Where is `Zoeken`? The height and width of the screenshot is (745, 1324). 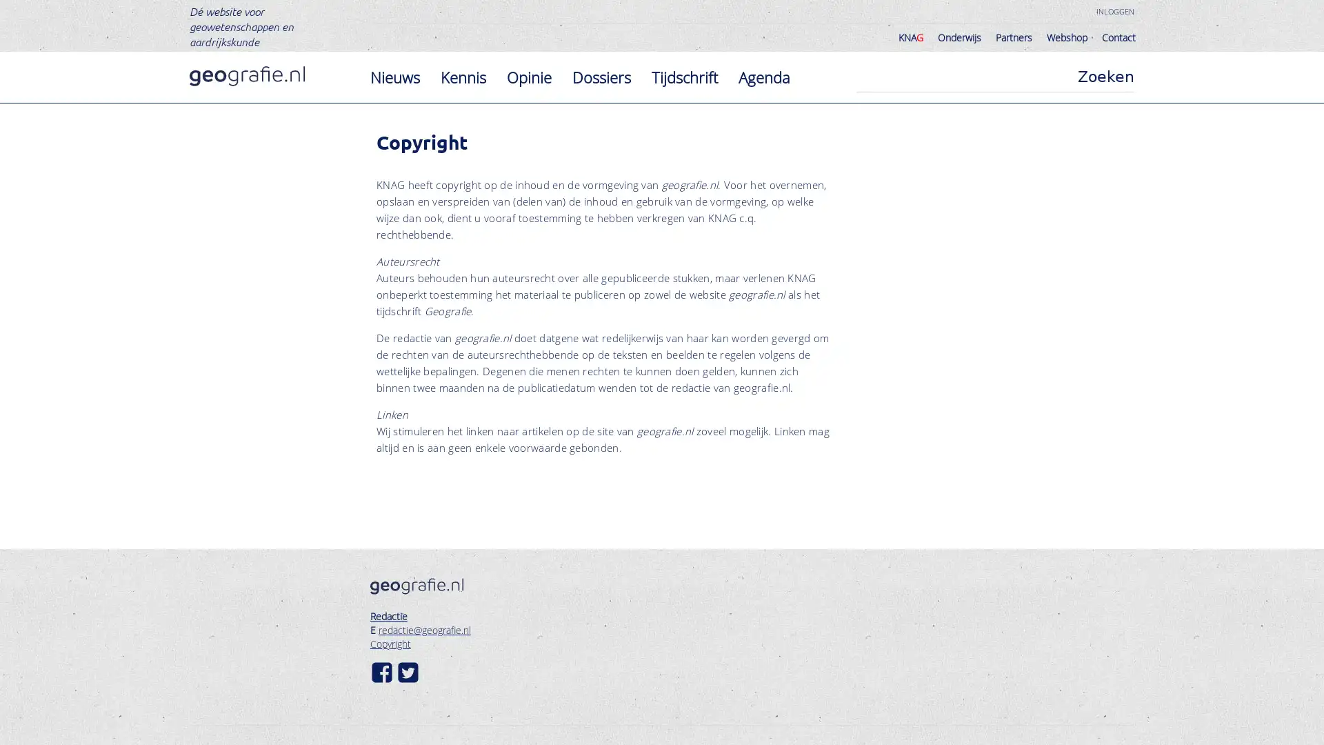 Zoeken is located at coordinates (1105, 77).